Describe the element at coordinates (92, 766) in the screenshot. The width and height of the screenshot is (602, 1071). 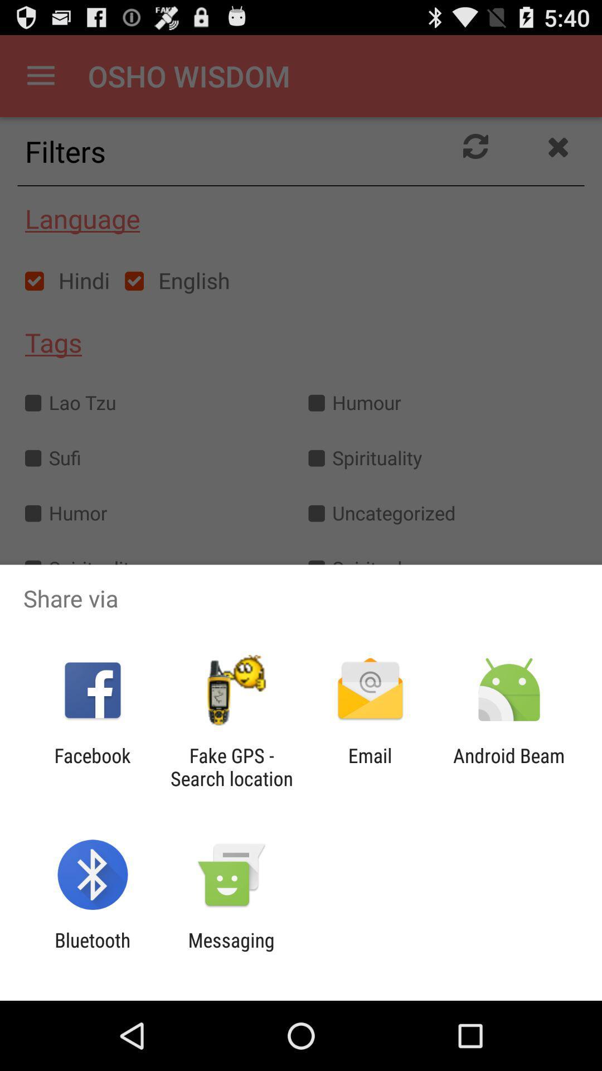
I see `app to the left of the fake gps search item` at that location.